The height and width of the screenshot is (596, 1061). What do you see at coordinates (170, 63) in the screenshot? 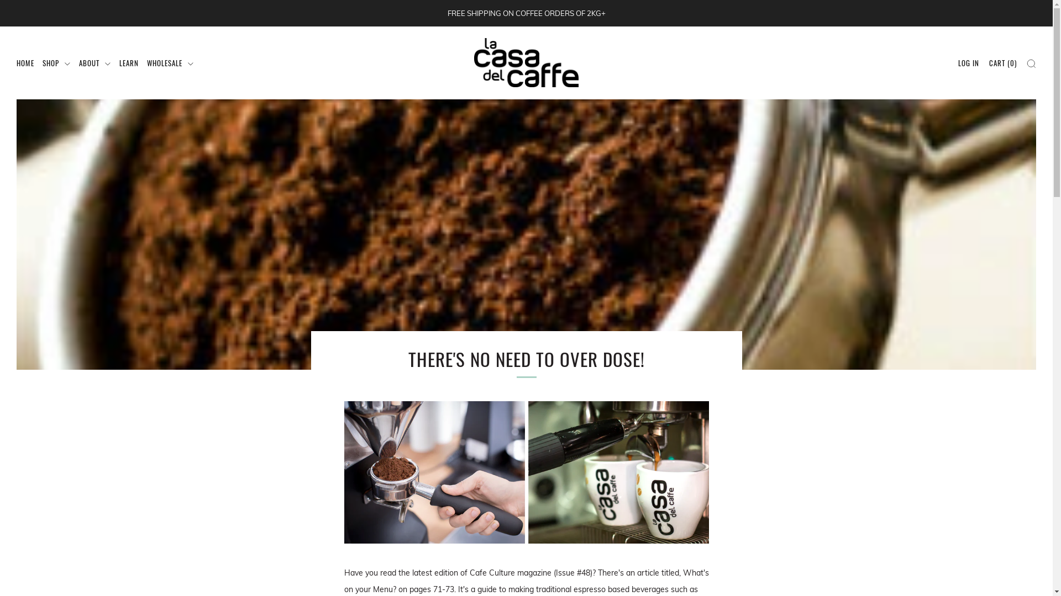
I see `'WHOLESALE'` at bounding box center [170, 63].